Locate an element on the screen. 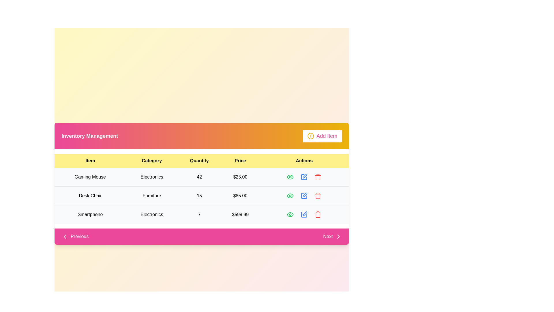 This screenshot has width=554, height=312. the 'Next' button, which has white text on a pink background and features a right-facing arrow icon, located in the bottom-right corner of the pink footer section is located at coordinates (332, 236).